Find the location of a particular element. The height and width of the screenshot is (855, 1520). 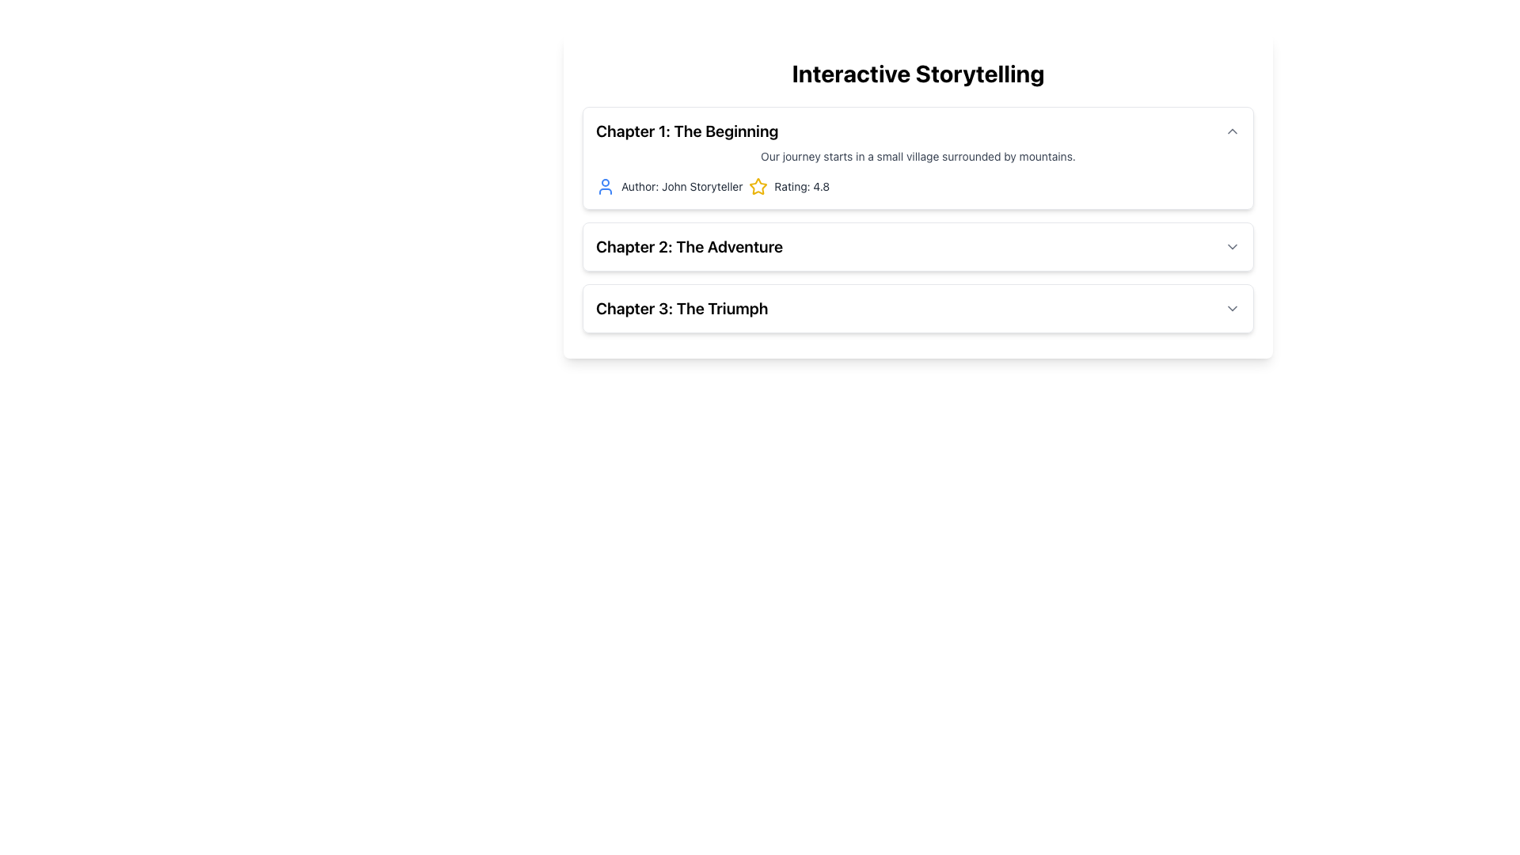

the author icon located in the first card labeled 'Chapter 1: The Beginning', positioned to the far left before the text 'Author: John Storyteller' is located at coordinates (604, 185).